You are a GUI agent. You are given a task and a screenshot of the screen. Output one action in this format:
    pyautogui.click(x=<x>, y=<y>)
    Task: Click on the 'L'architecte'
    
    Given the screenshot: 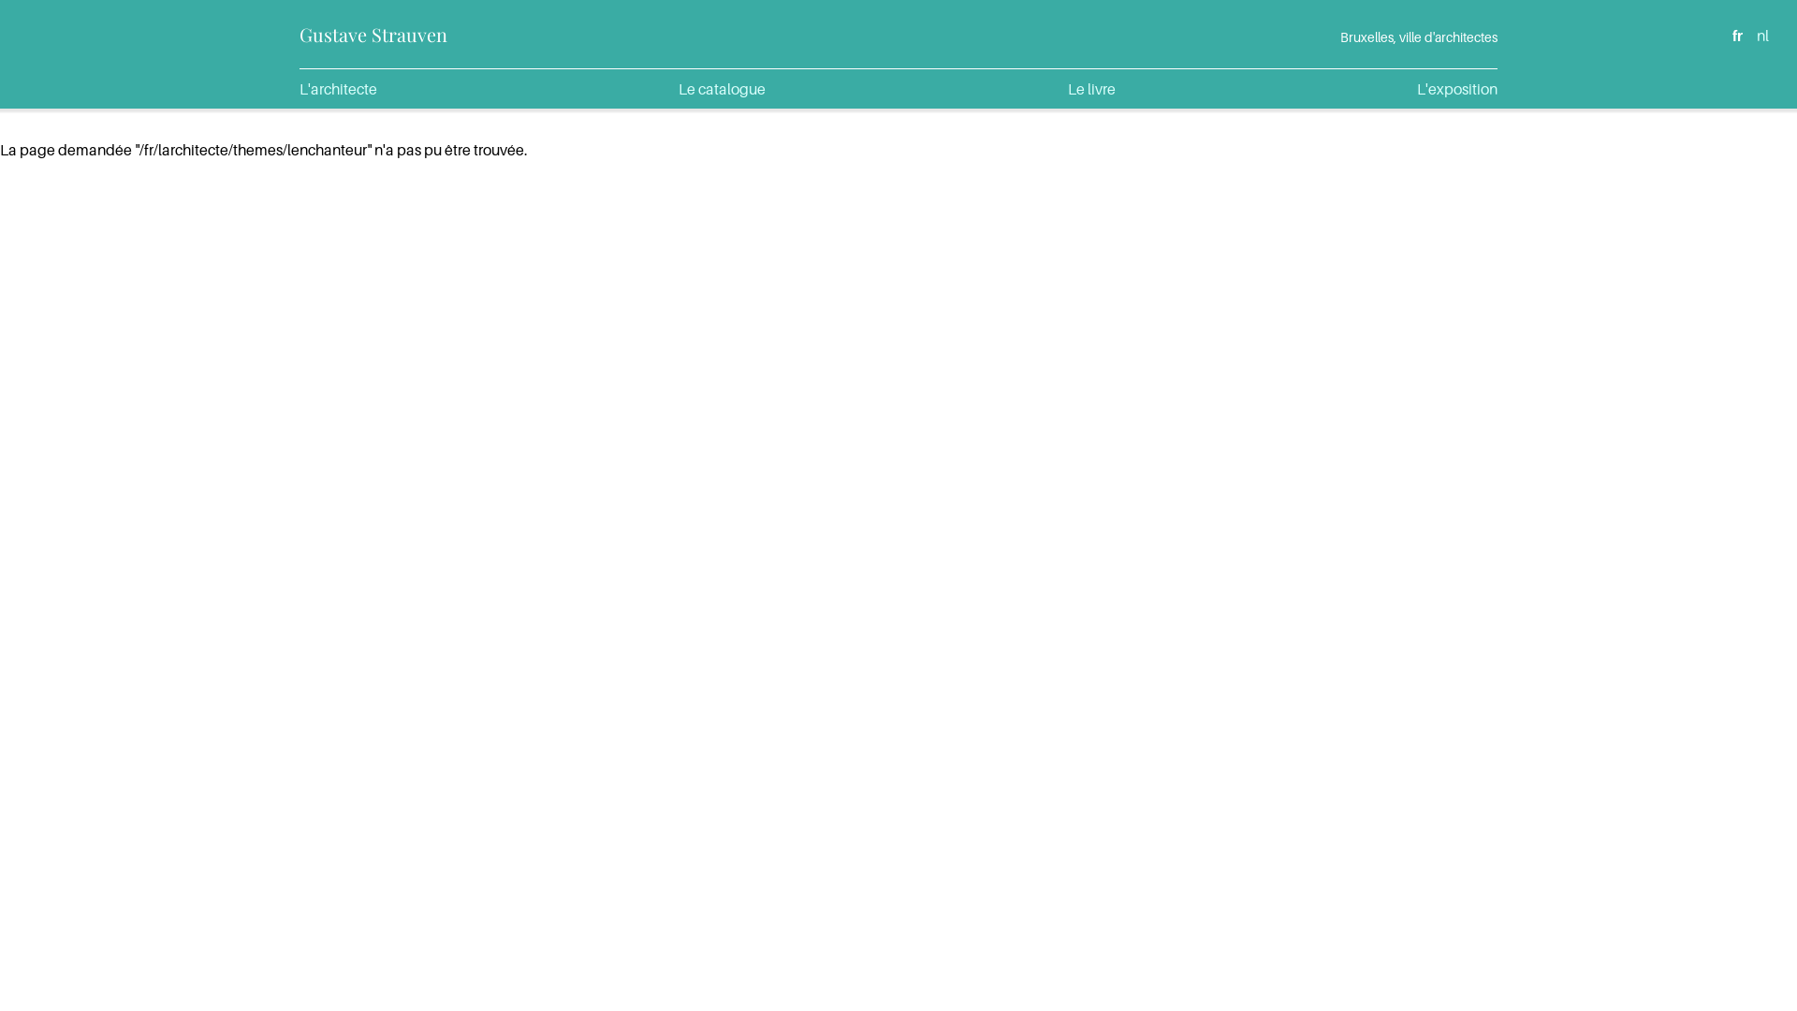 What is the action you would take?
    pyautogui.click(x=338, y=89)
    